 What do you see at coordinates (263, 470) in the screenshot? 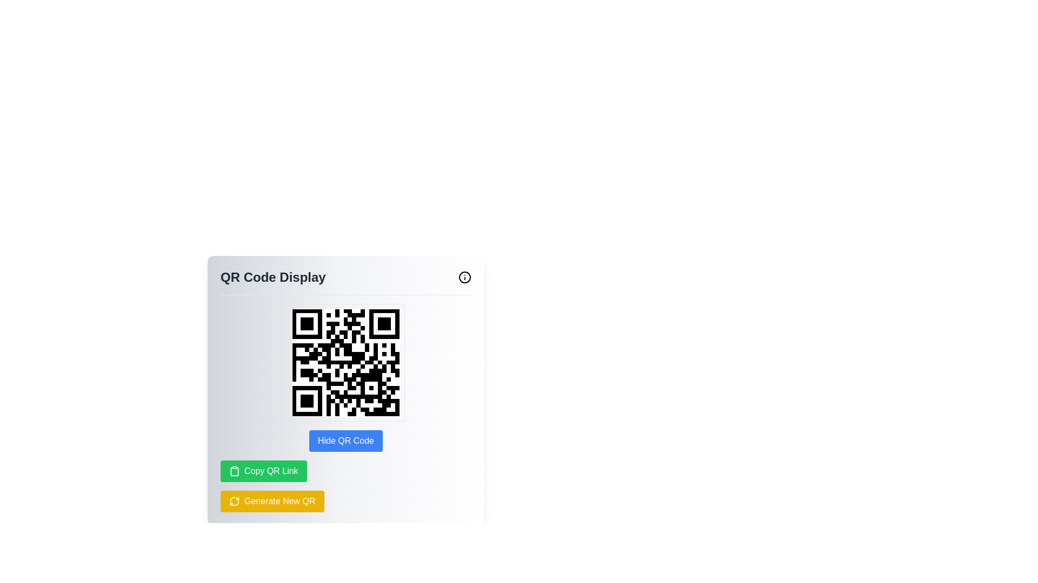
I see `the button that copies the QR link to the clipboard, which is the second button from the top in the group of buttons below the QR code display` at bounding box center [263, 470].